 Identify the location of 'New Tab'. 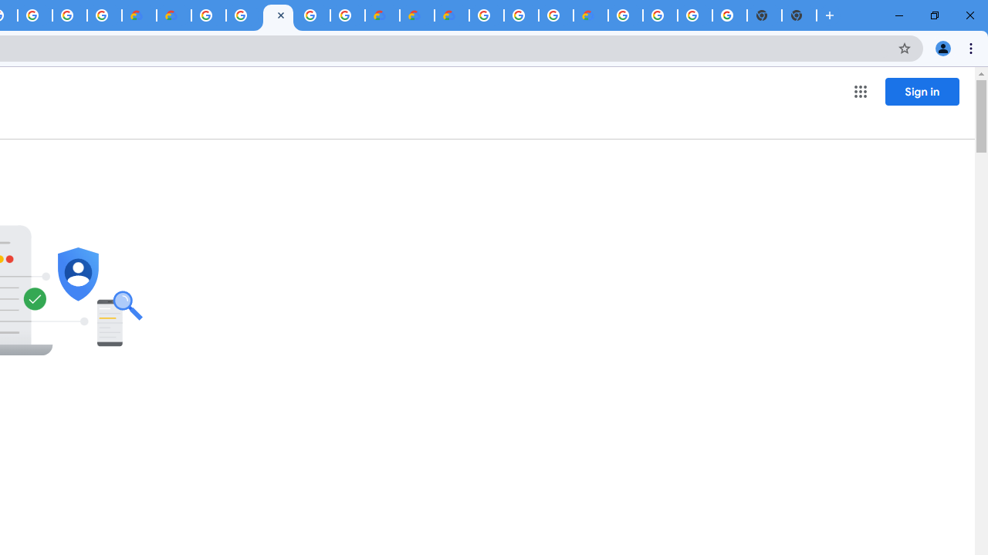
(799, 15).